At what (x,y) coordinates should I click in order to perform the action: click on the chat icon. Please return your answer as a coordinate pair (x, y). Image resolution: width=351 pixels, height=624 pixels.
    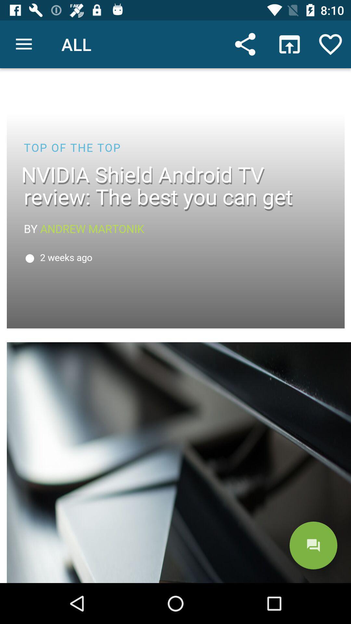
    Looking at the image, I should click on (313, 545).